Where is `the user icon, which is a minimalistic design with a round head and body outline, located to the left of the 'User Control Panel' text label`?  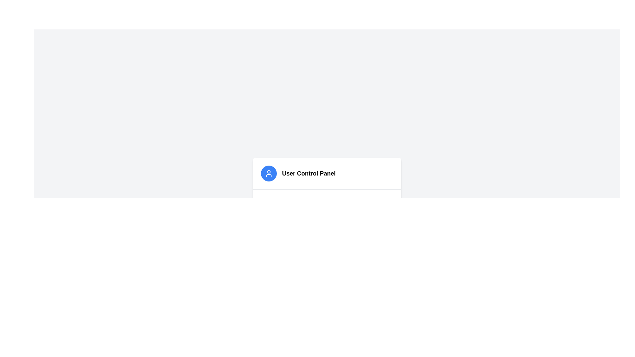 the user icon, which is a minimalistic design with a round head and body outline, located to the left of the 'User Control Panel' text label is located at coordinates (269, 173).